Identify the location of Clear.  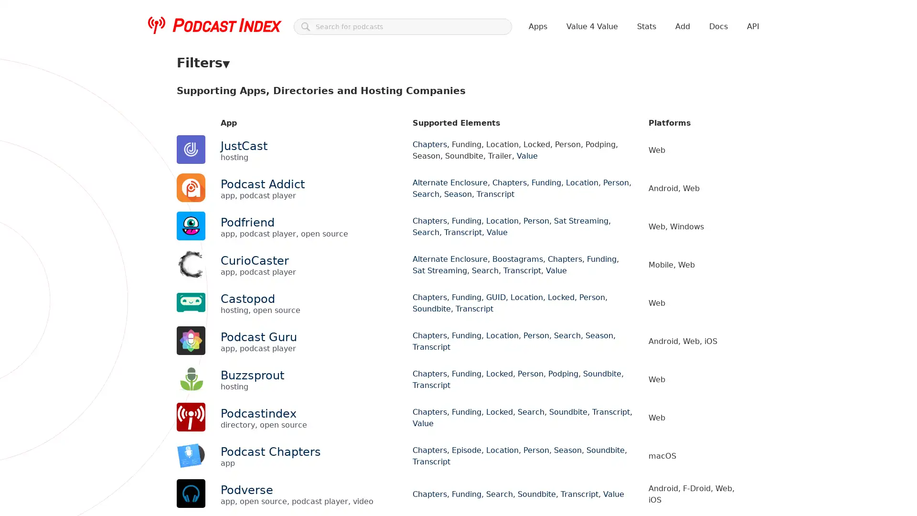
(190, 196).